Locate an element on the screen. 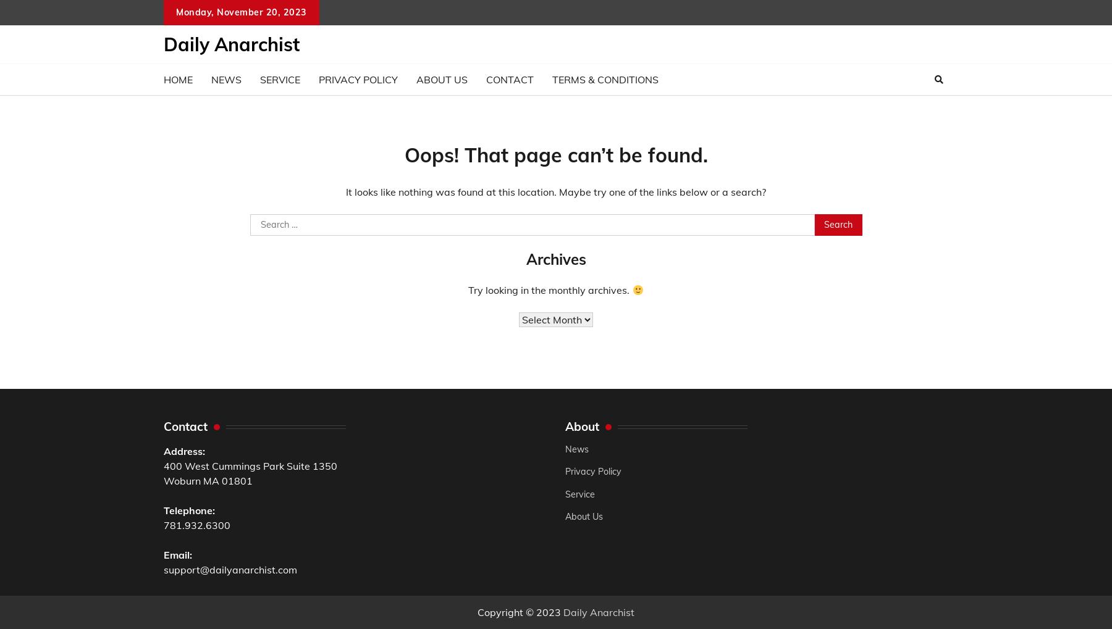  'Home' is located at coordinates (177, 79).